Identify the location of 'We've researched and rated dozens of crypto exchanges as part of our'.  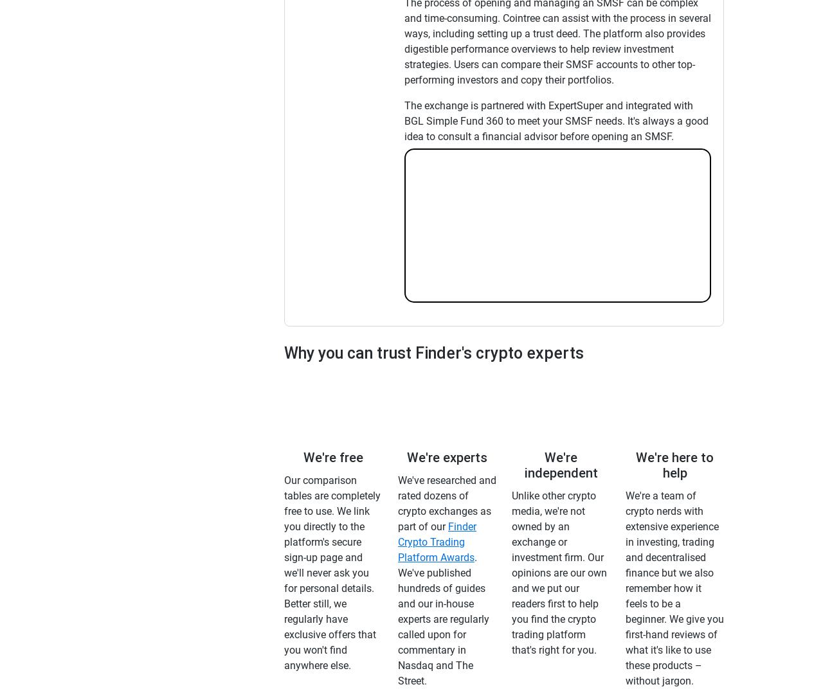
(447, 503).